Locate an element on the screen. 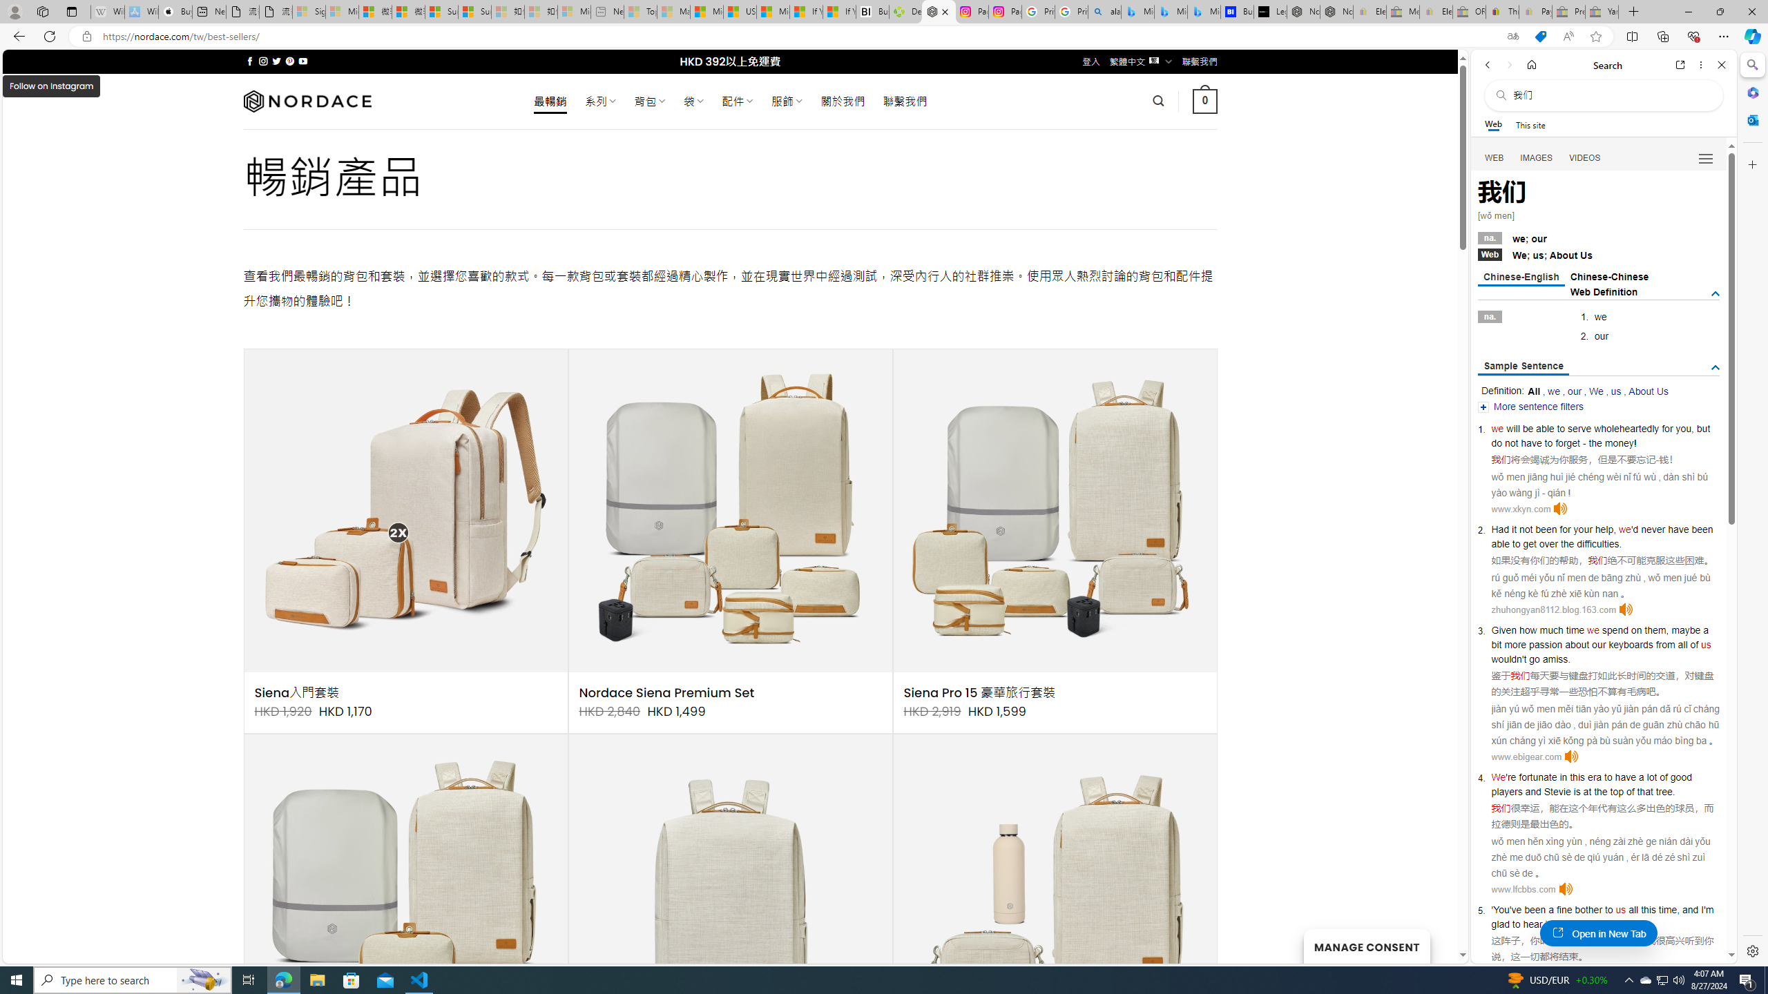 The width and height of the screenshot is (1768, 994). 'us' is located at coordinates (1621, 909).